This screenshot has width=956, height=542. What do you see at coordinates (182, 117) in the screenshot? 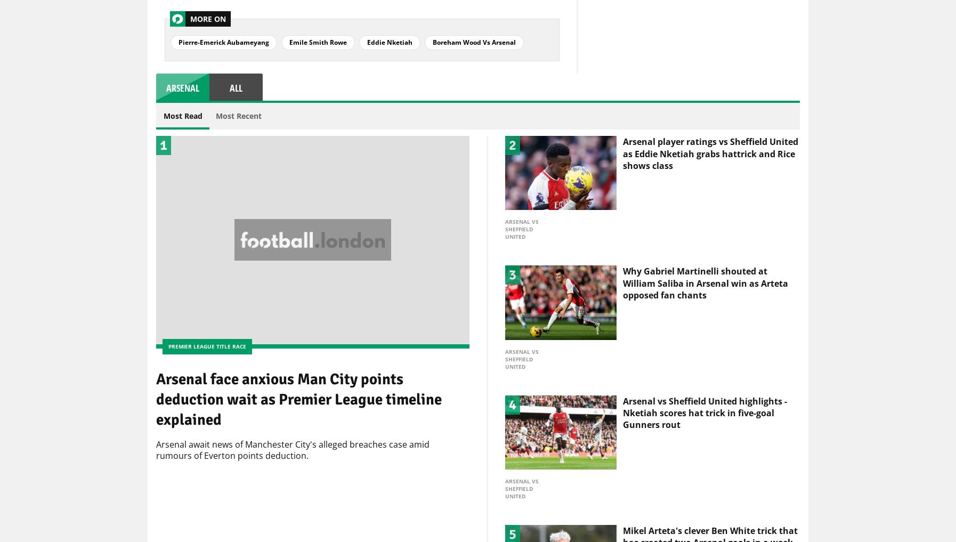
I see `'Most Read'` at bounding box center [182, 117].